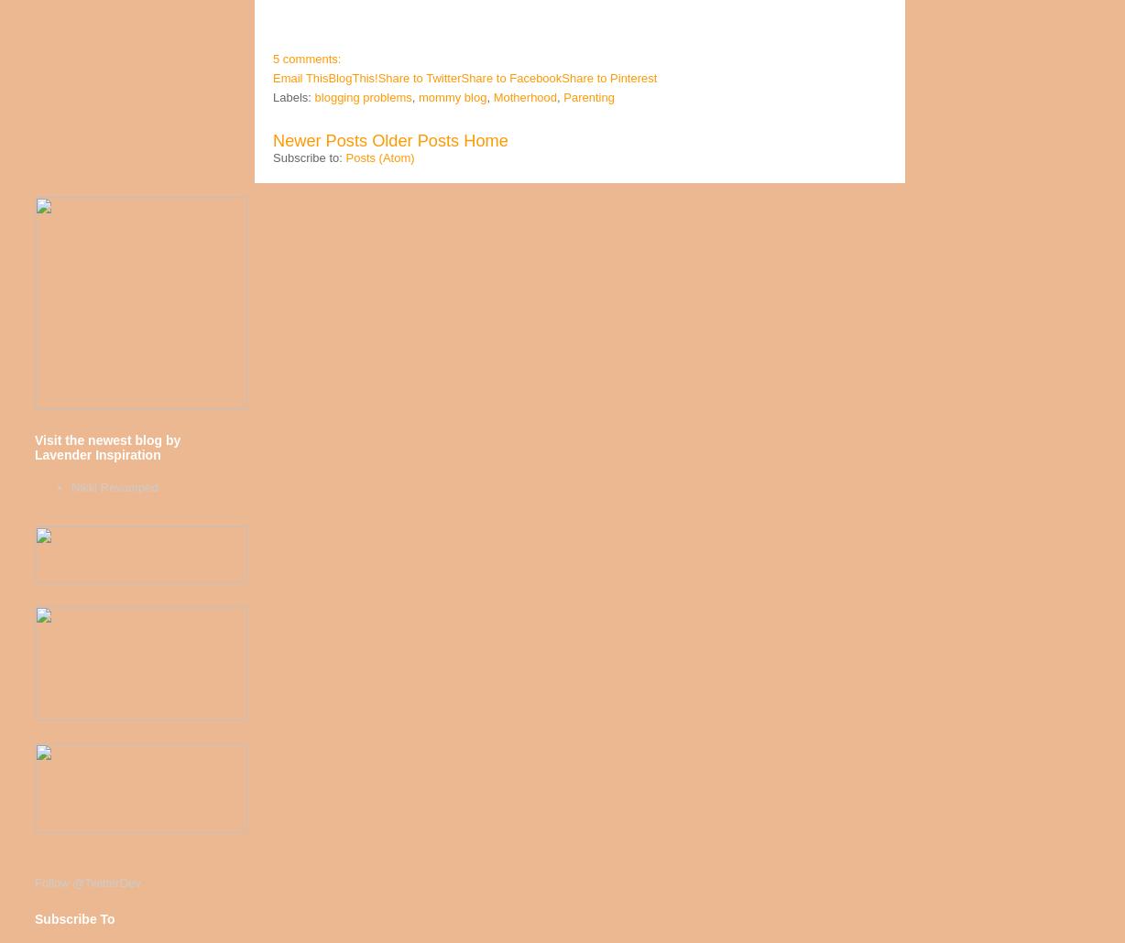 The width and height of the screenshot is (1125, 943). I want to click on 'Labels:', so click(293, 96).